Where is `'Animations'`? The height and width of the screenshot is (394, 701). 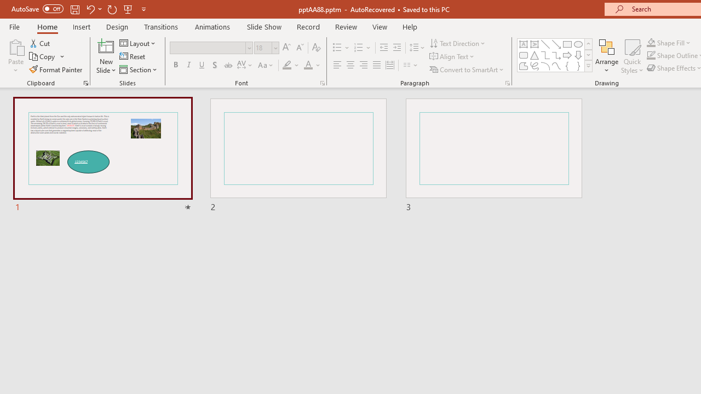 'Animations' is located at coordinates (212, 26).